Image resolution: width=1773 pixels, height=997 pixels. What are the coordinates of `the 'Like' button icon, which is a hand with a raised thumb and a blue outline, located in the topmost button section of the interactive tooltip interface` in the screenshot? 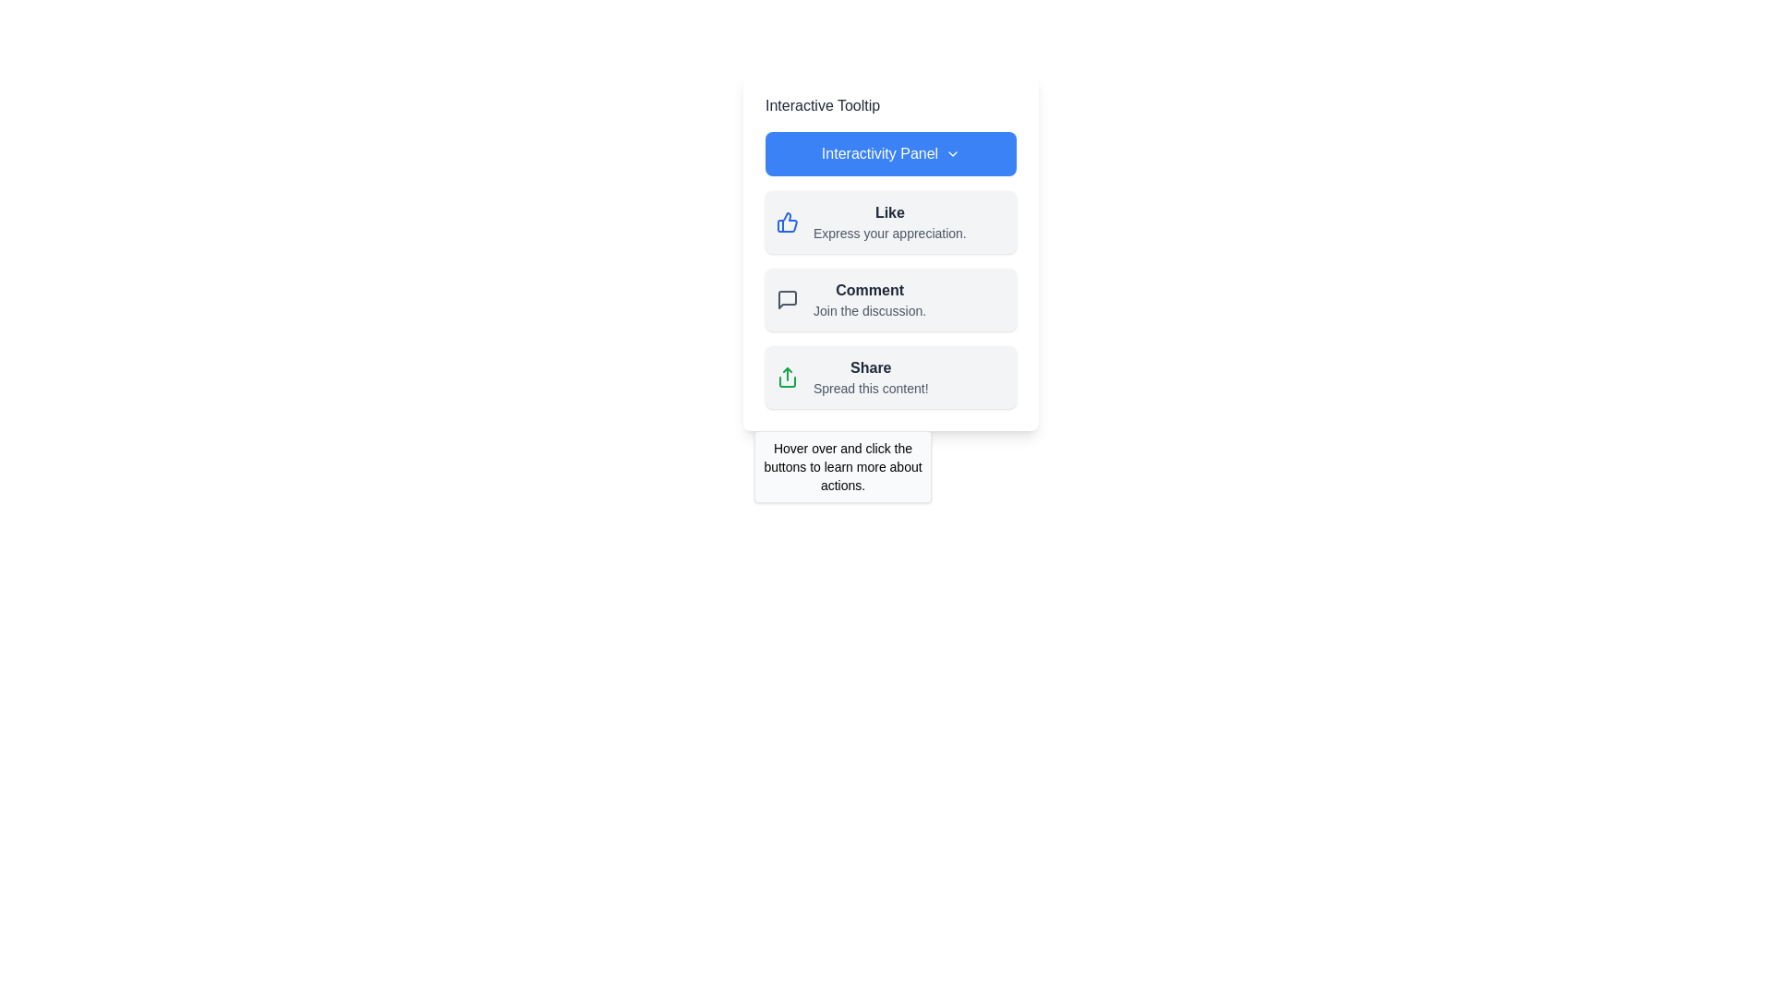 It's located at (787, 221).